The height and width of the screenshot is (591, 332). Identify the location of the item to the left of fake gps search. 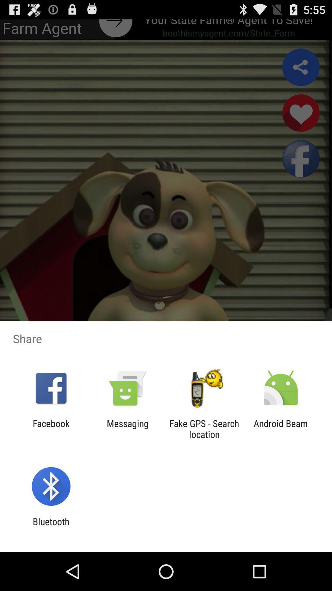
(127, 428).